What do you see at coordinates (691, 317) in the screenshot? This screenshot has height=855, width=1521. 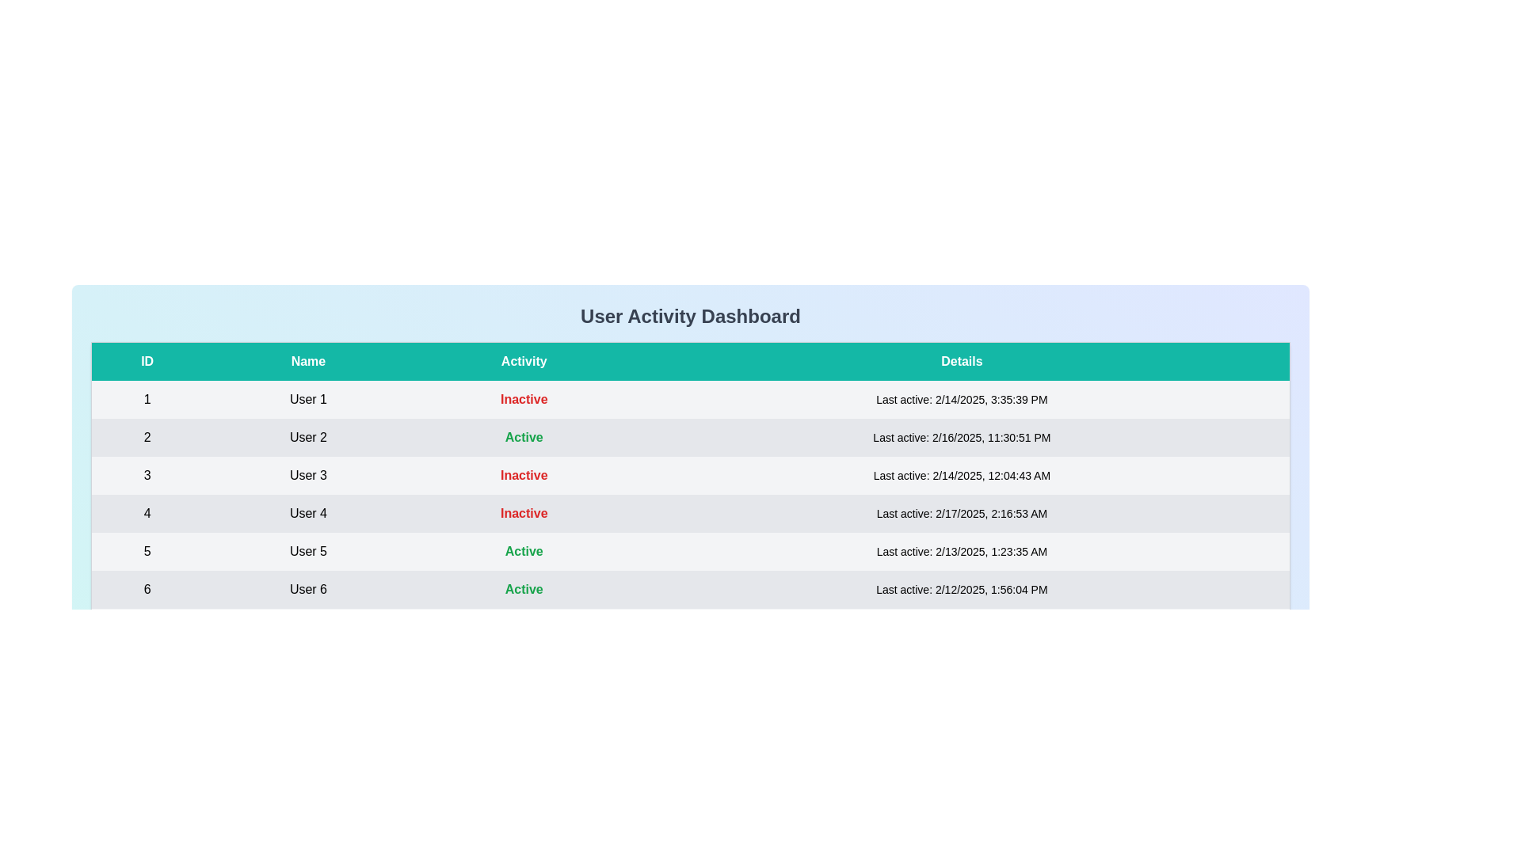 I see `the header element to inspect its text and styling for context` at bounding box center [691, 317].